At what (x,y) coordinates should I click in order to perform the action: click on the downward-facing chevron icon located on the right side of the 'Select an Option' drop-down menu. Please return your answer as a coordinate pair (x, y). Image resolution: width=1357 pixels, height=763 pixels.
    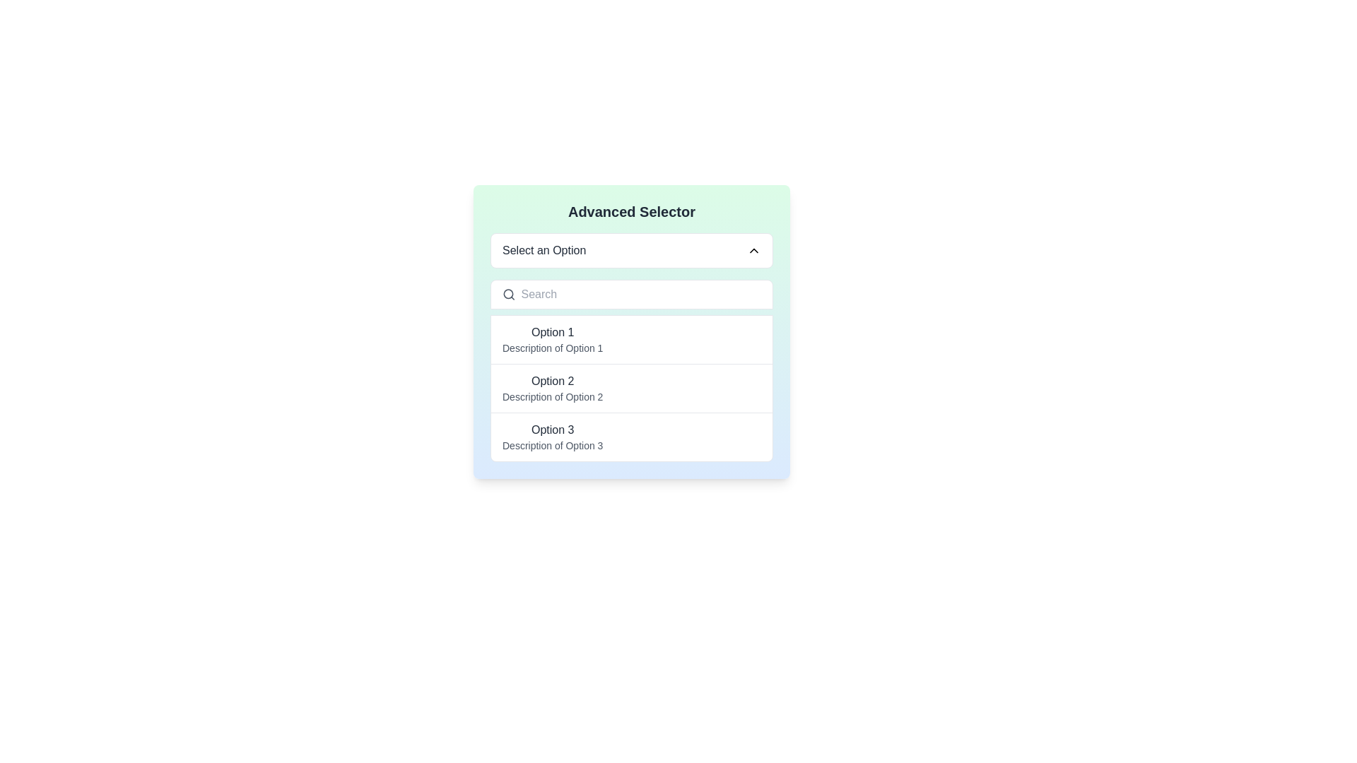
    Looking at the image, I should click on (753, 249).